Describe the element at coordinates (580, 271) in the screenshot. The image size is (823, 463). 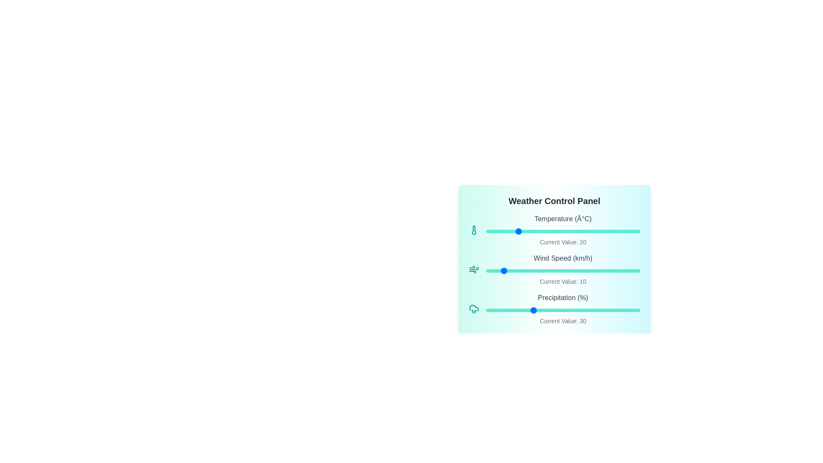
I see `the Wind Speed slider to 61 km/h` at that location.